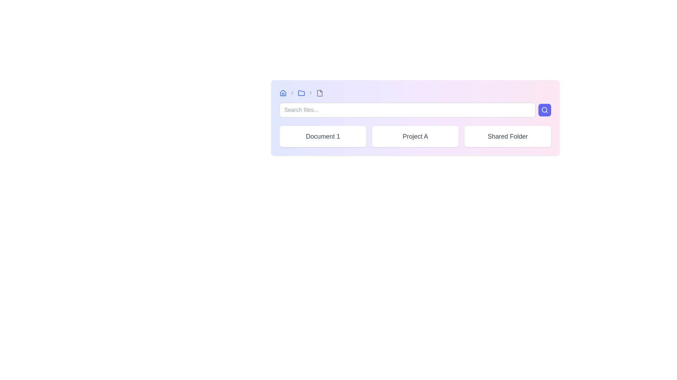 The height and width of the screenshot is (380, 677). Describe the element at coordinates (544, 110) in the screenshot. I see `the interactive search icon located inside the circular button at the far right of the search bar to initiate the search` at that location.